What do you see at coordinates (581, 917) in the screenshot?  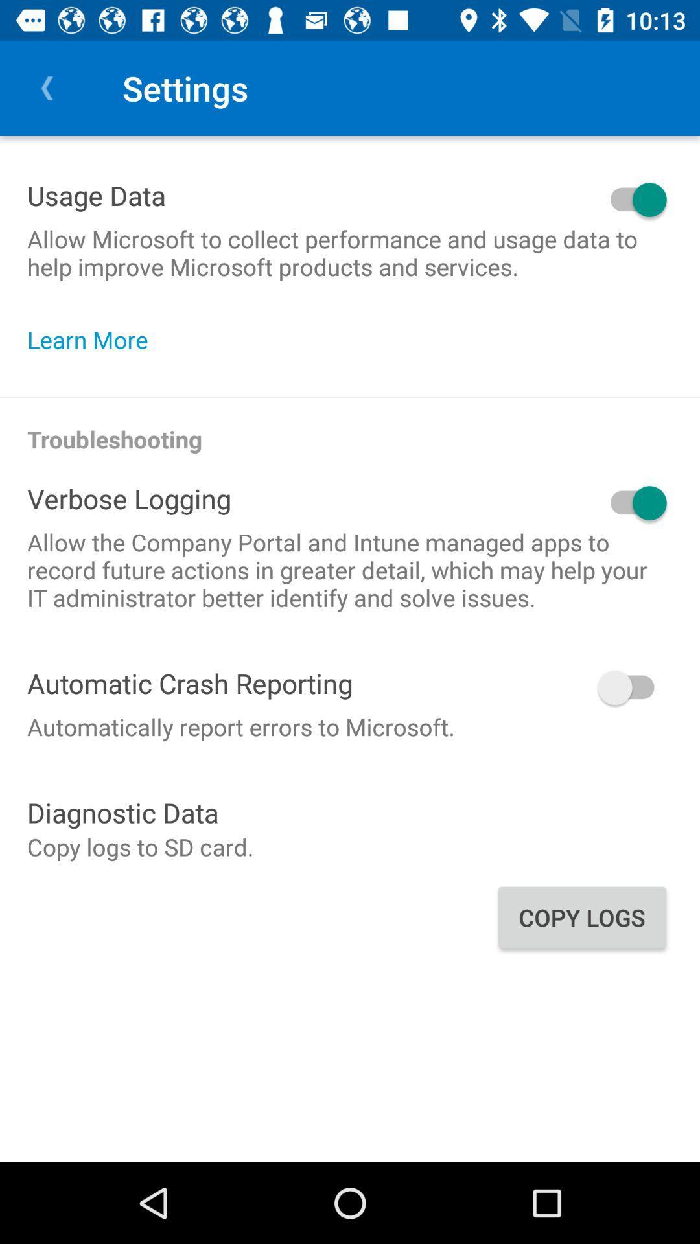 I see `the copy logs` at bounding box center [581, 917].